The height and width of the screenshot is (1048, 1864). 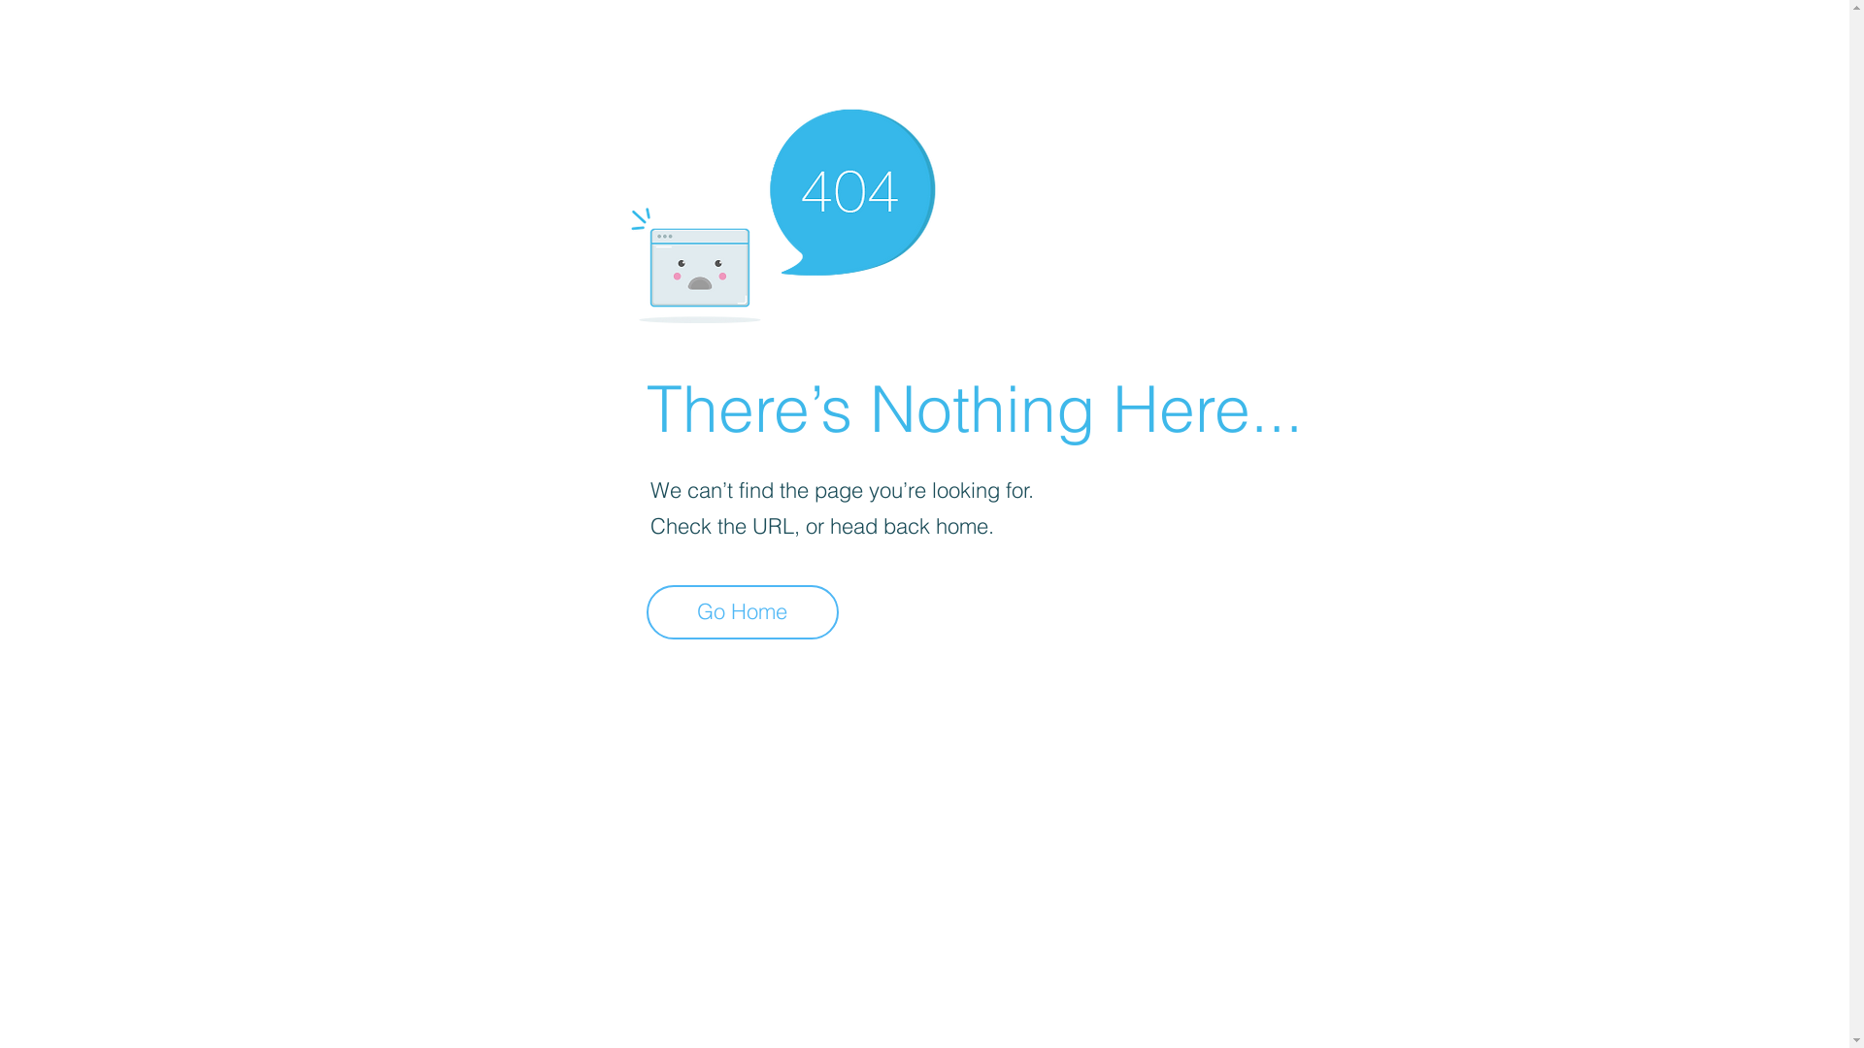 I want to click on 'Go Home', so click(x=741, y=612).